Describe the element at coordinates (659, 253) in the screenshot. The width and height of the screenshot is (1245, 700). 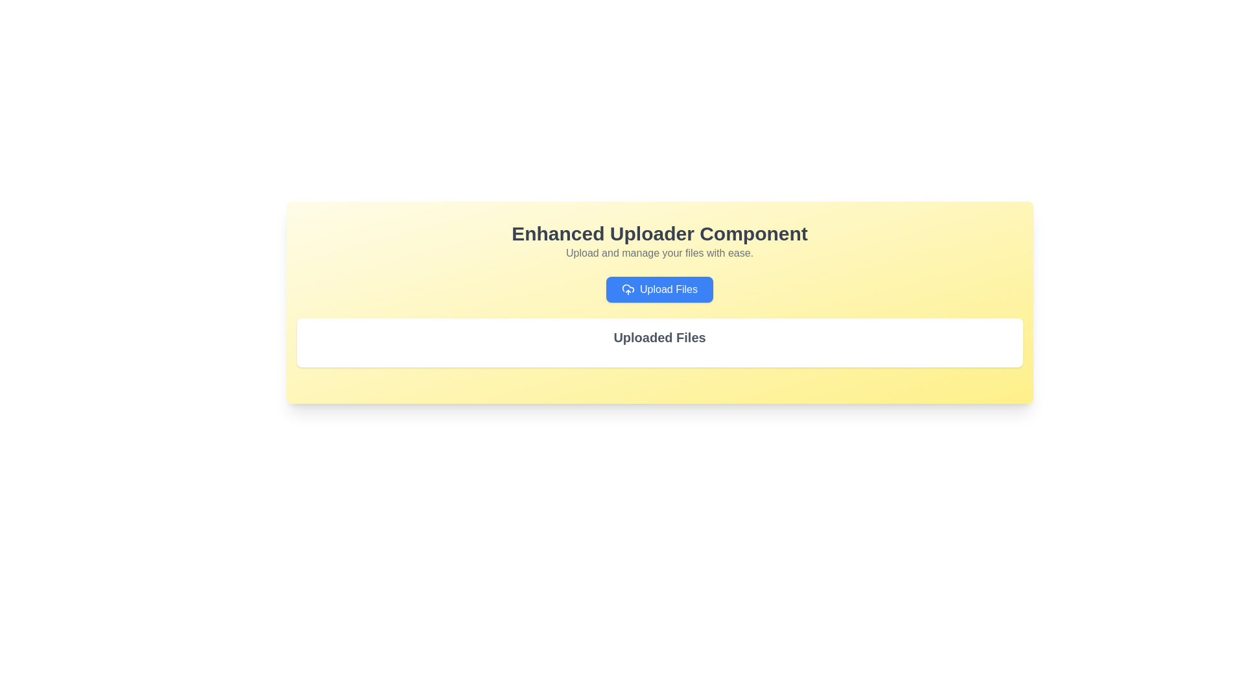
I see `the Text label that serves as a descriptive subtitle for the 'Enhanced Uploader Component', positioned directly below it and centered in the yellow-highlighted card` at that location.